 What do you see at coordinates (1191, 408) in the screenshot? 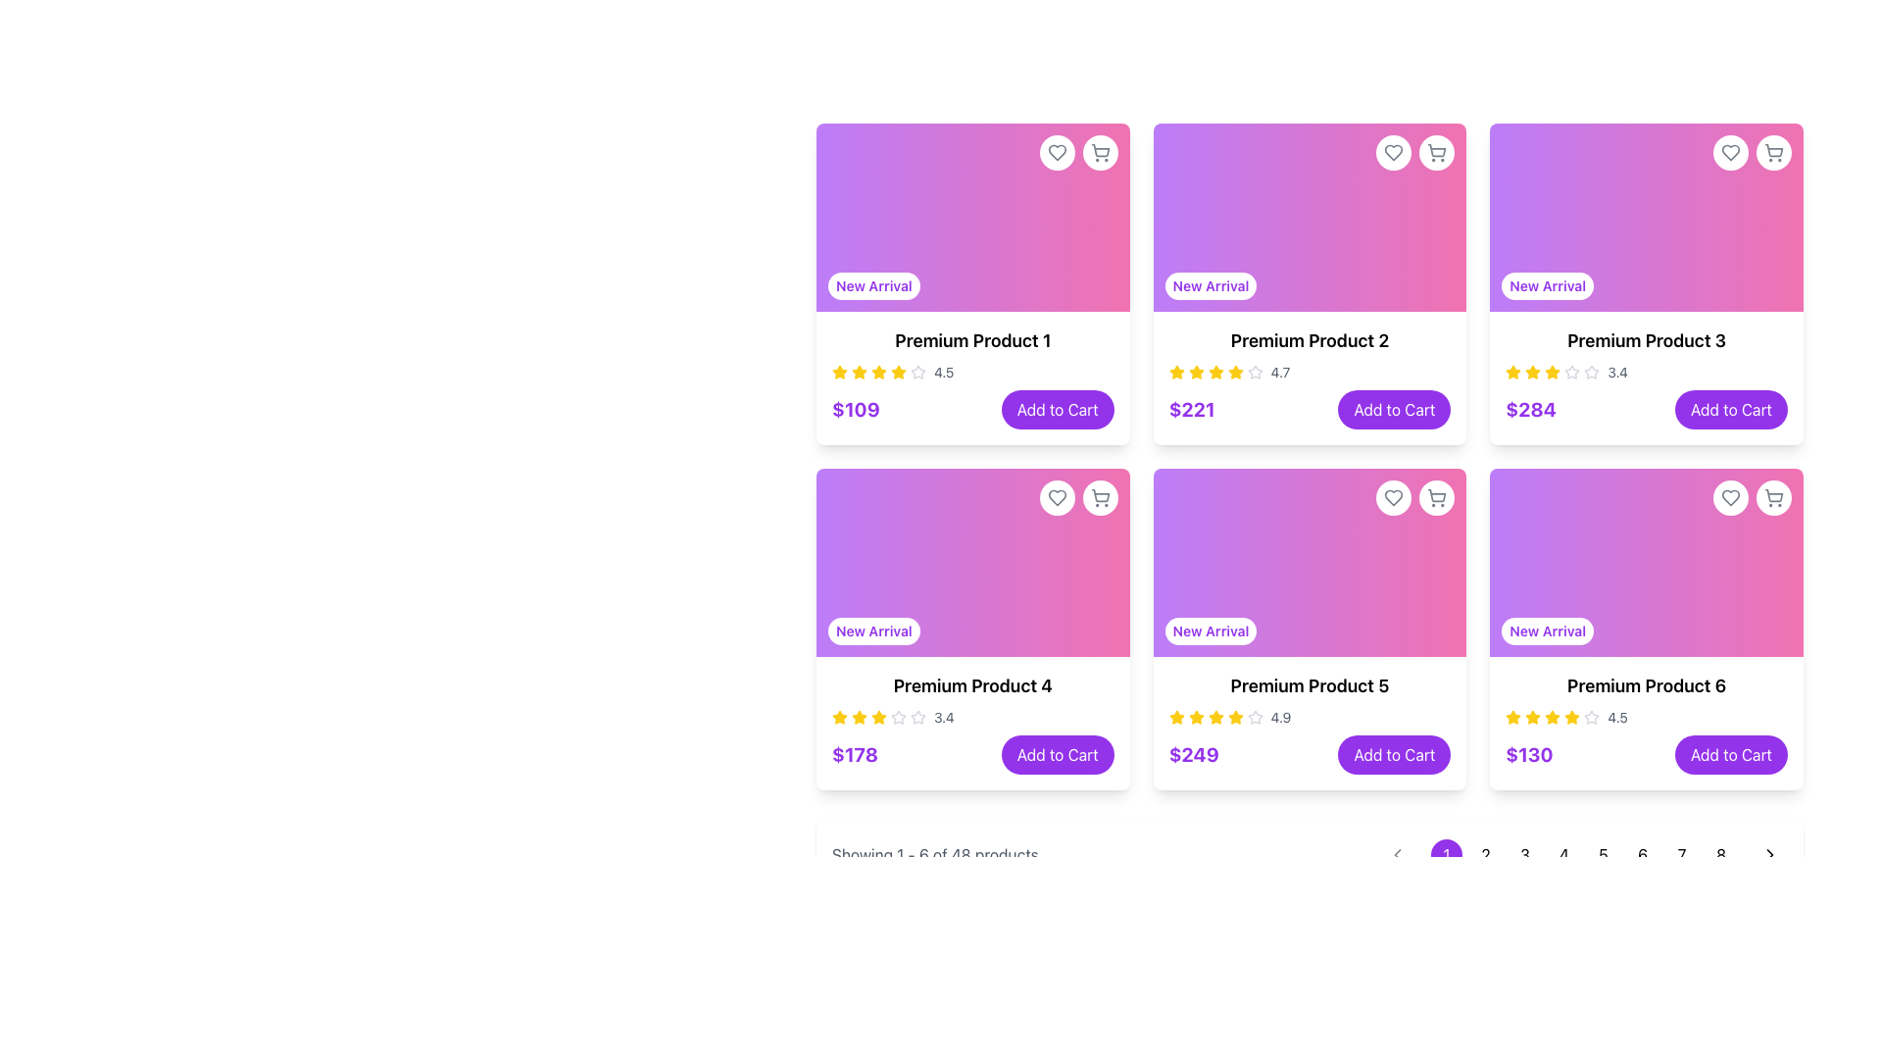
I see `the price label displaying the price of 'Premium Product 2' to trigger any available tooltip` at bounding box center [1191, 408].